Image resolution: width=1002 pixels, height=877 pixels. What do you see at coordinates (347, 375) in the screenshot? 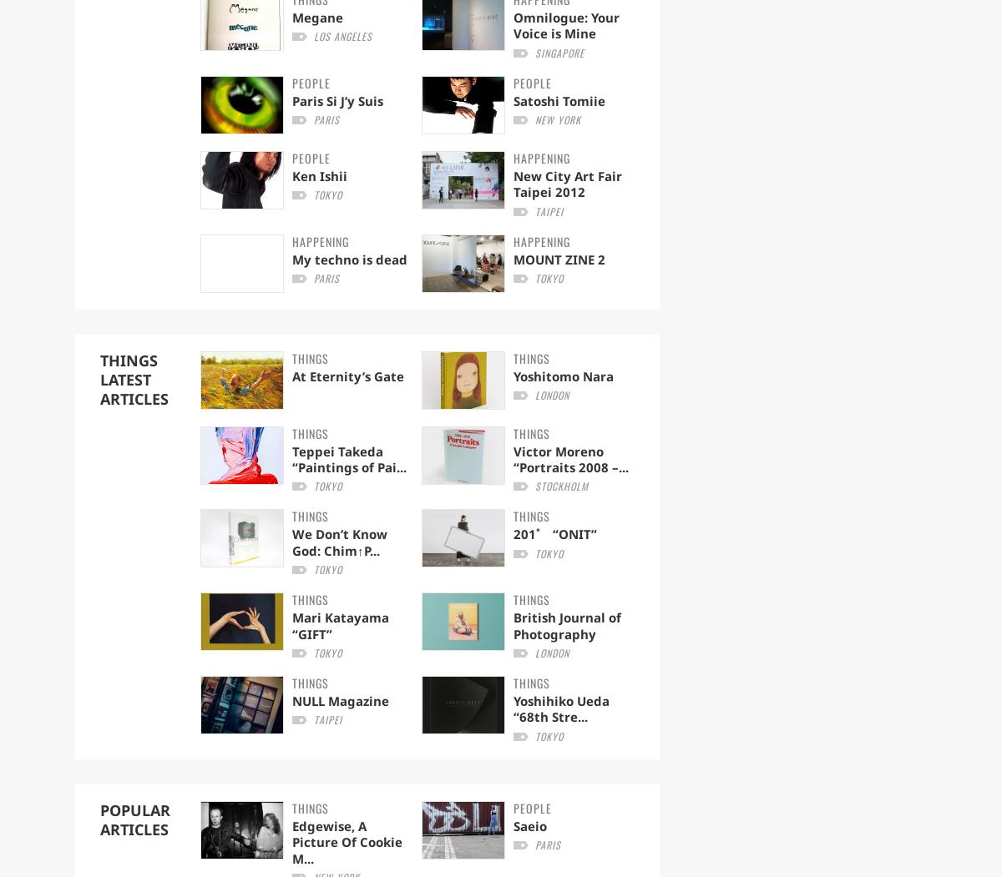
I see `'At Eternity’s Gate'` at bounding box center [347, 375].